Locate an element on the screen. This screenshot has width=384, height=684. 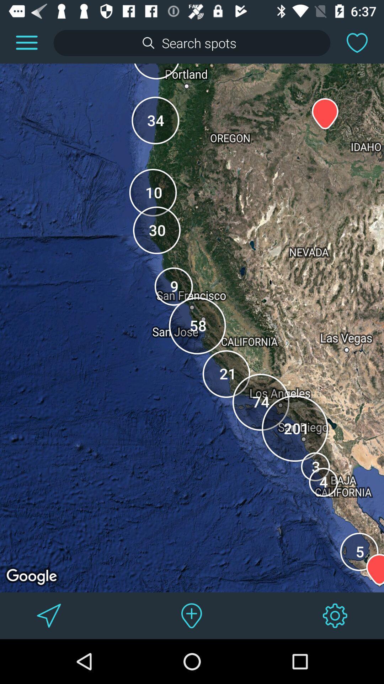
search spots is located at coordinates (192, 42).